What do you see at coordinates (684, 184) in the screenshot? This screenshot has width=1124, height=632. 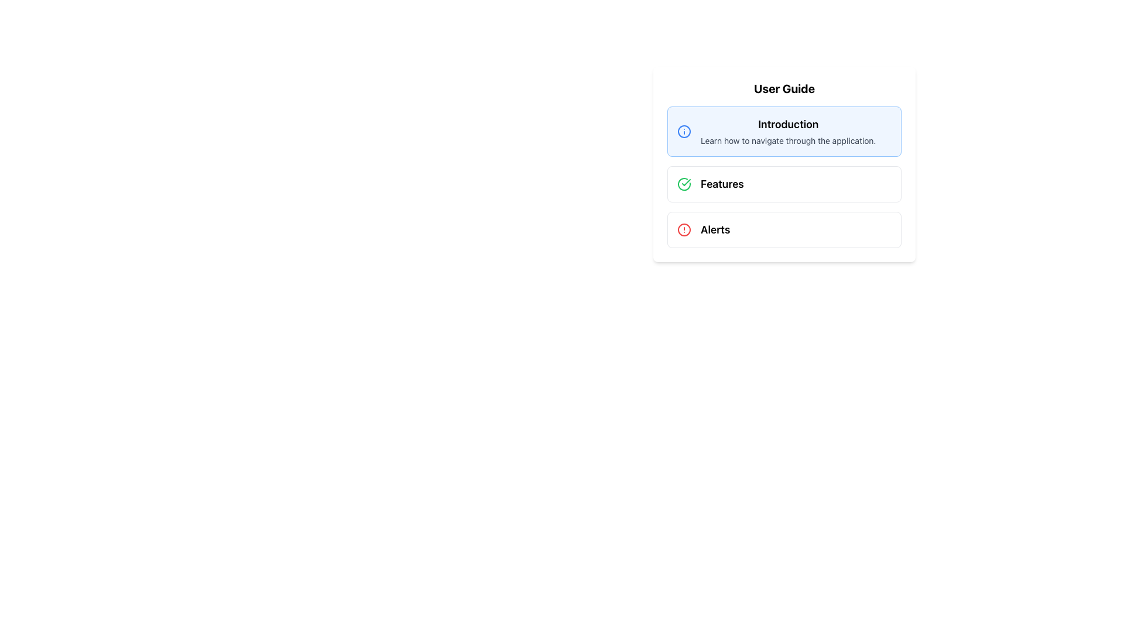 I see `the circular icon with a green checkmark inside, located in the 'Features' section, to the left of the text 'Features'` at bounding box center [684, 184].